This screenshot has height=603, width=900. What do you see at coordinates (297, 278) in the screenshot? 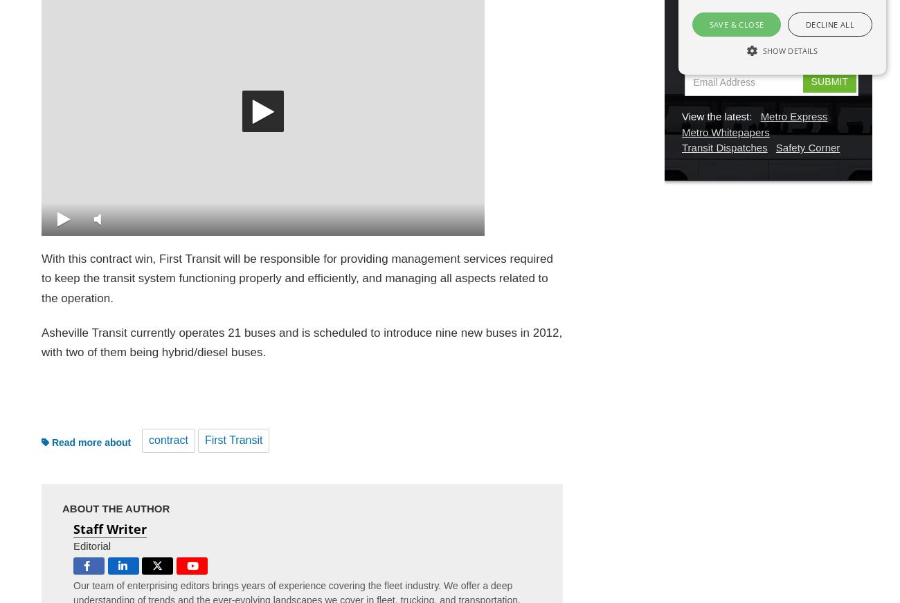
I see `'With this contract win, First Transit will be responsible for providing management services required to keep the transit system functioning properly and efficiently, and managing all aspects related to the operation.'` at bounding box center [297, 278].